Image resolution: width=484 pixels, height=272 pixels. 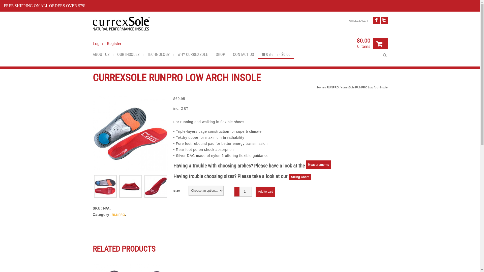 I want to click on 'Sizing Chart', so click(x=300, y=177).